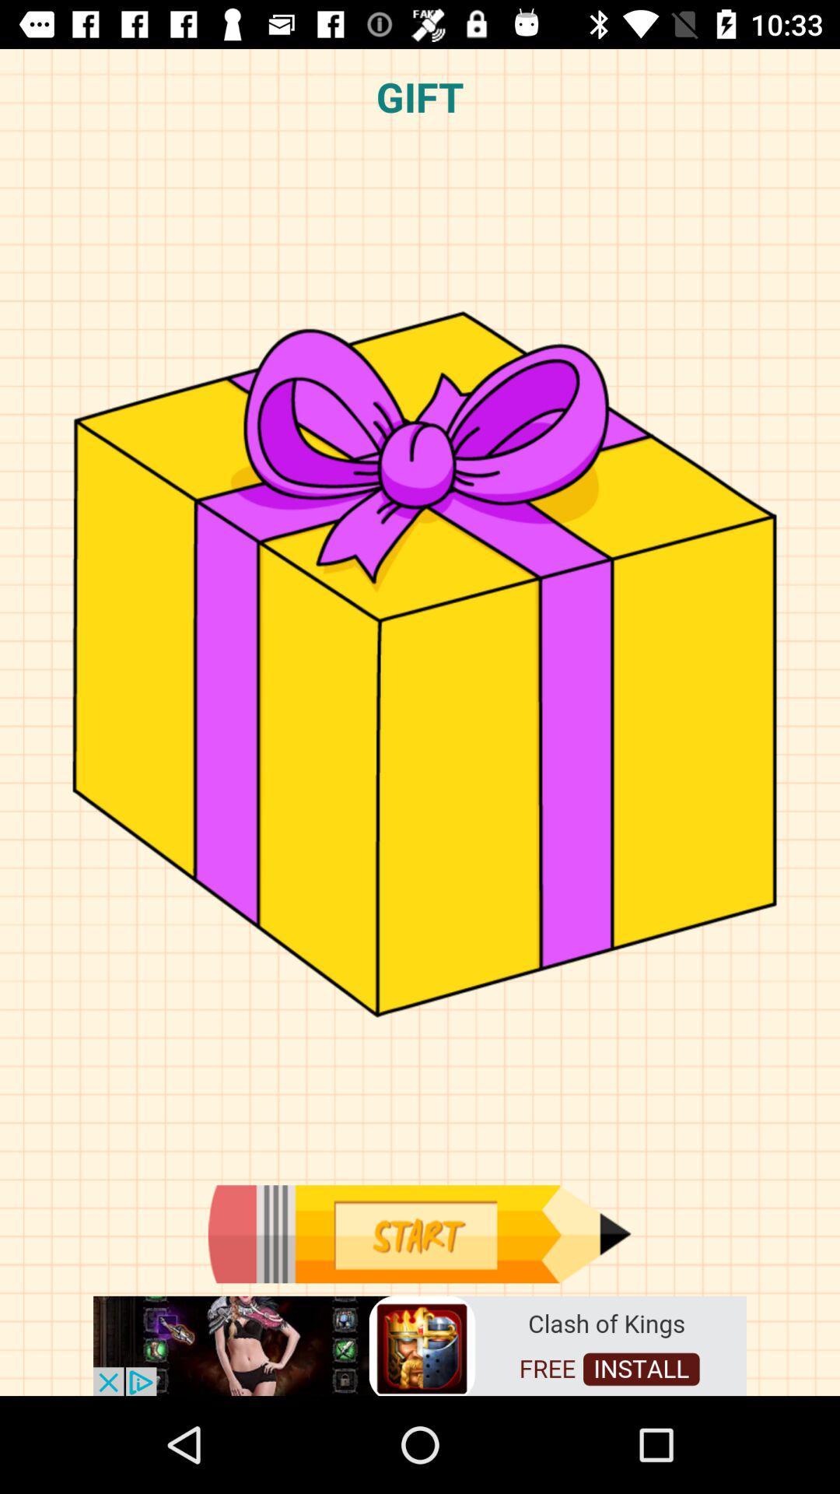 The width and height of the screenshot is (840, 1494). What do you see at coordinates (418, 1233) in the screenshot?
I see `start drawing` at bounding box center [418, 1233].